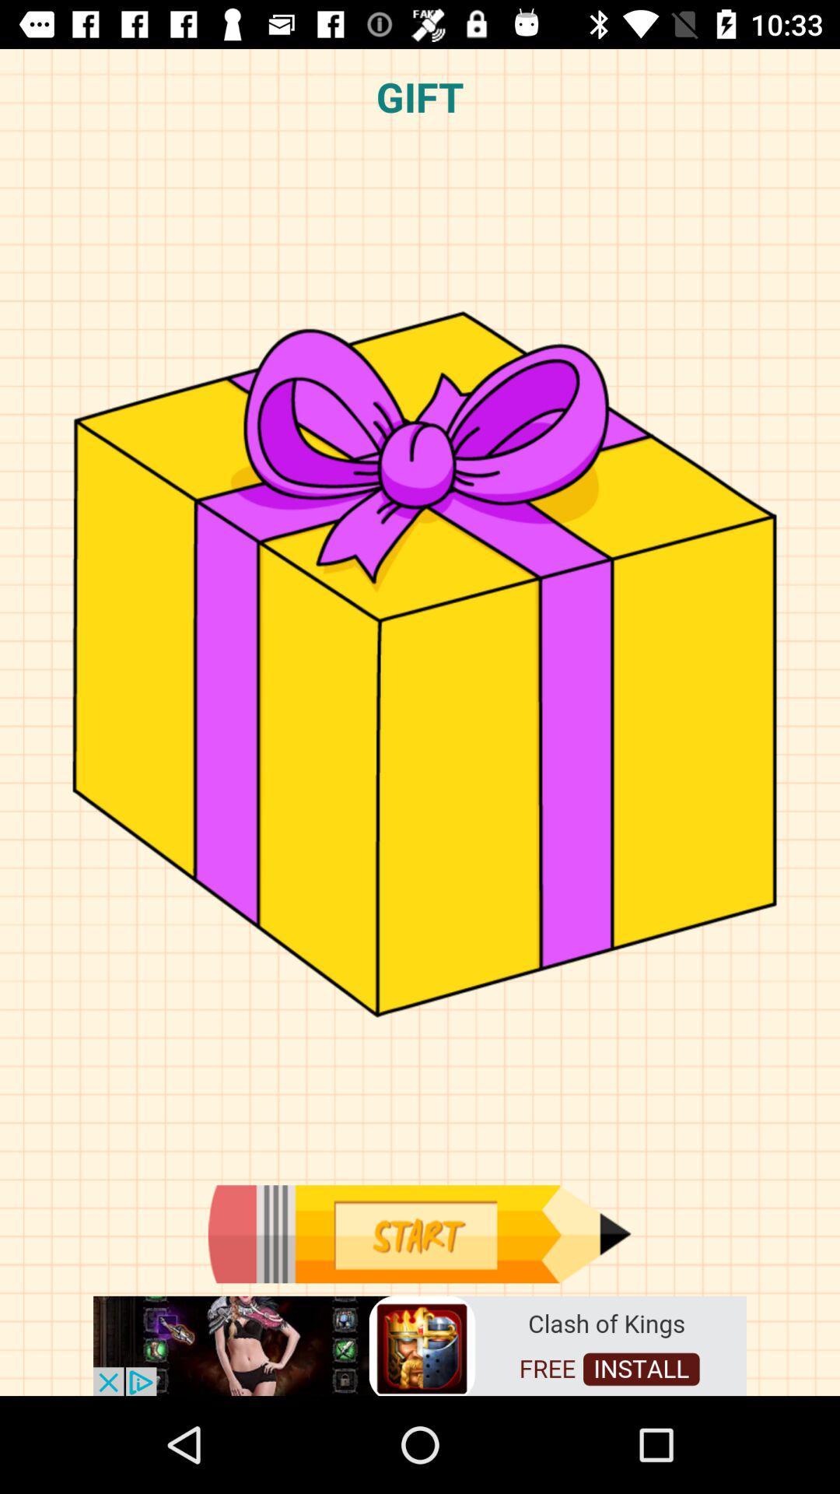 The width and height of the screenshot is (840, 1494). What do you see at coordinates (418, 1233) in the screenshot?
I see `start drawing` at bounding box center [418, 1233].